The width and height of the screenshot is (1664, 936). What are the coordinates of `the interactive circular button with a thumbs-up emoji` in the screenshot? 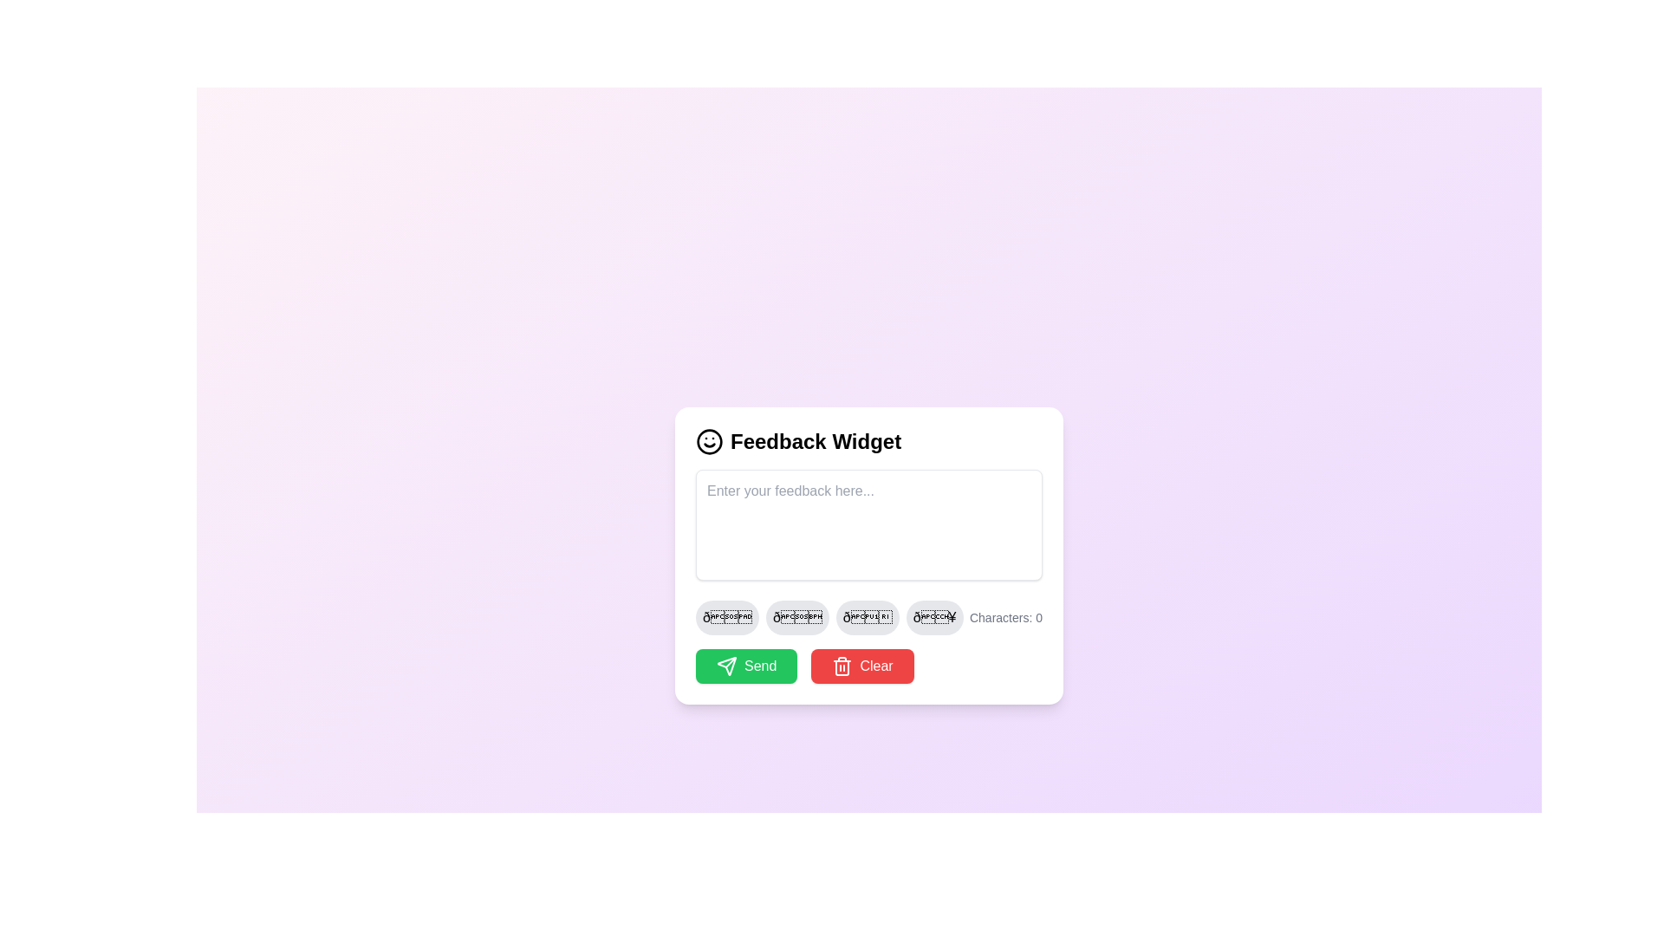 It's located at (868, 616).